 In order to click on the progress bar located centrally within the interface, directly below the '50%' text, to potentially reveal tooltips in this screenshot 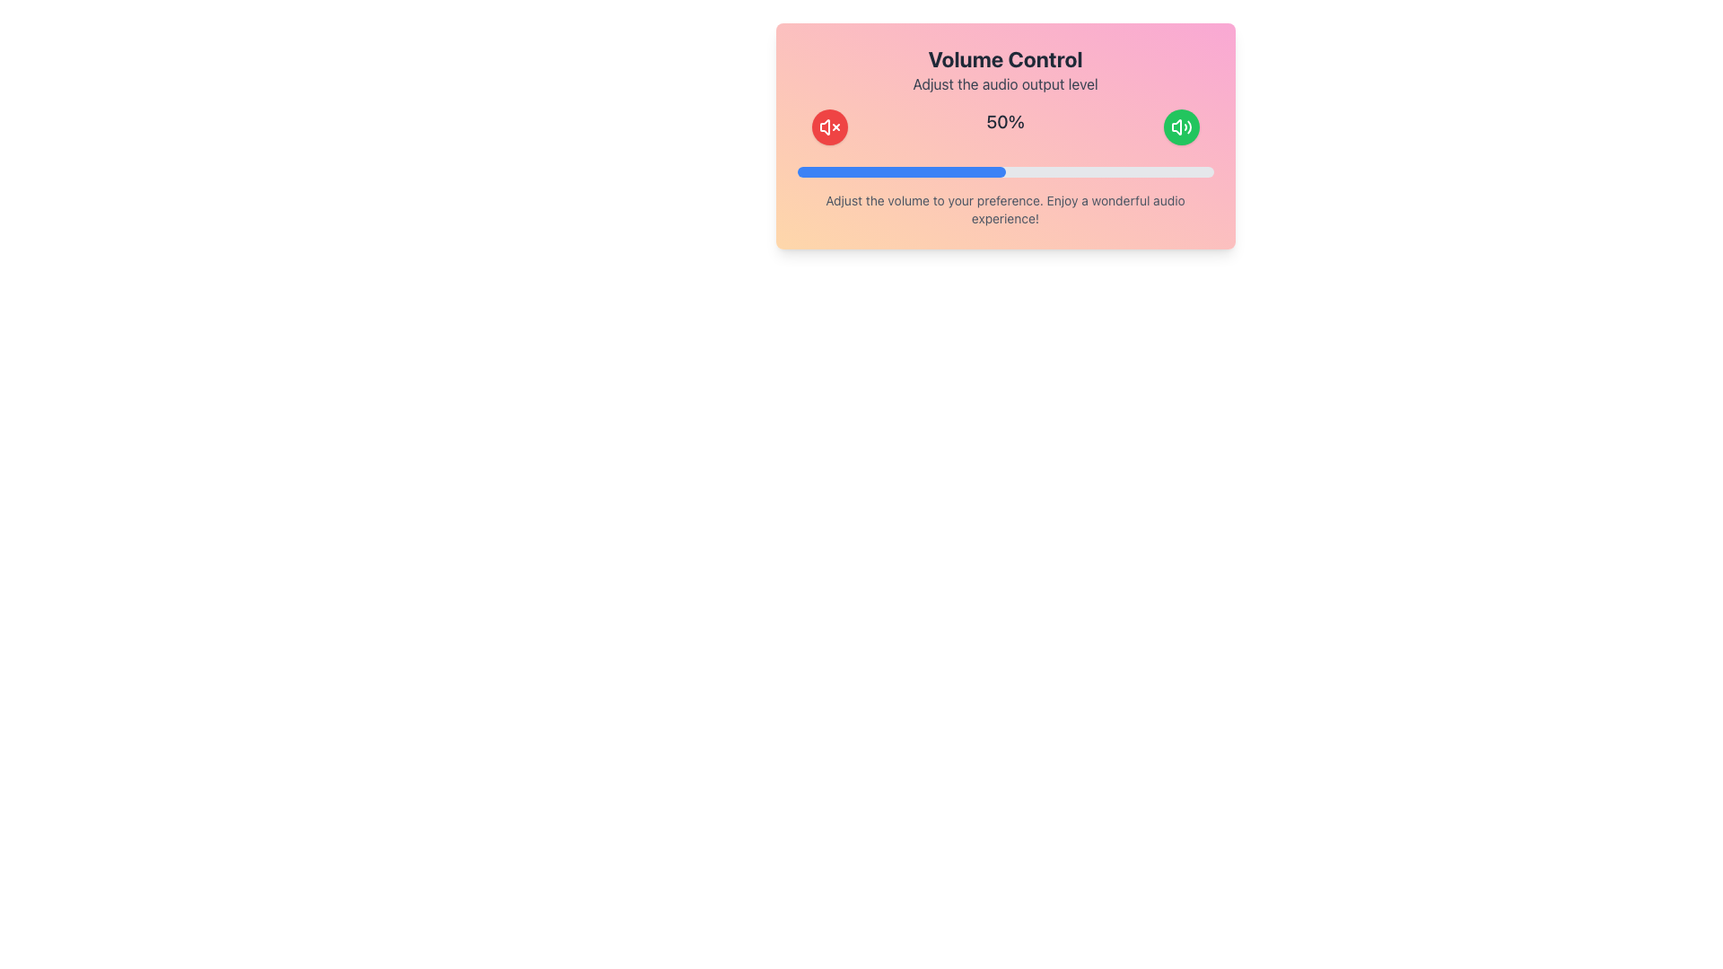, I will do `click(1005, 172)`.